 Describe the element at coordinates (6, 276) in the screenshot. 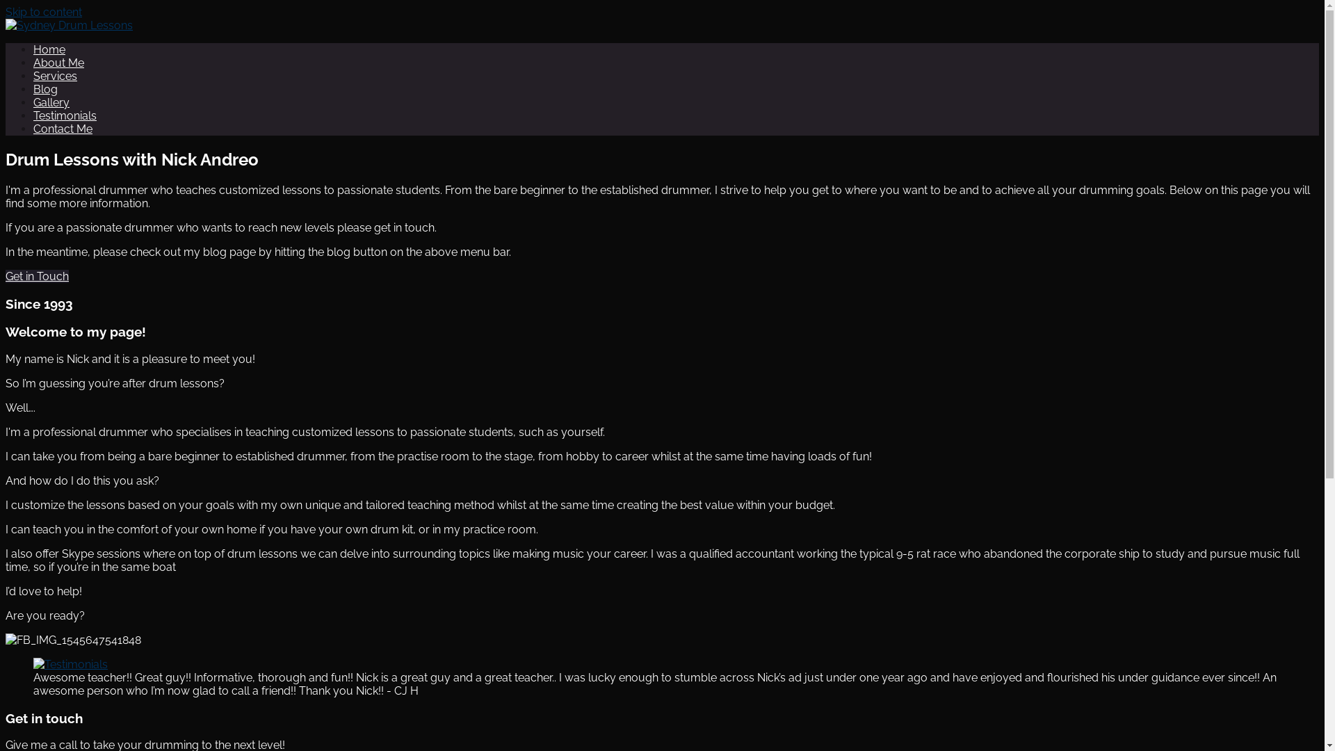

I see `'Get in Touch'` at that location.